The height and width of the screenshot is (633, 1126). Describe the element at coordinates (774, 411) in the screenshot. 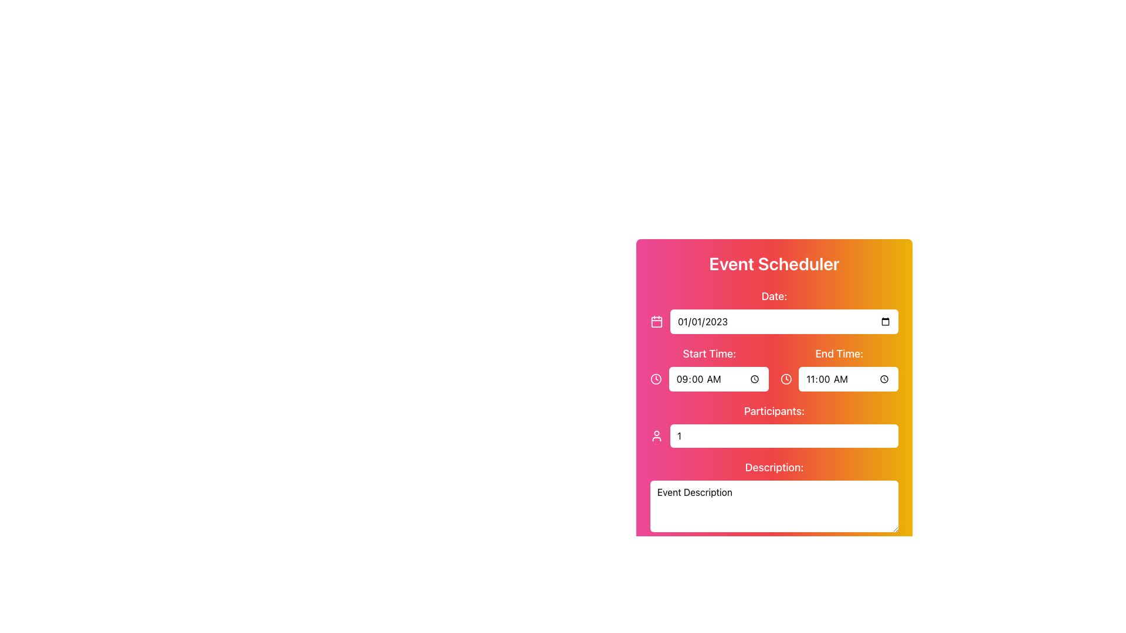

I see `the label indicating the purpose of the input field for specifying participants in an event, which is located above the input field and adjacent to a user icon` at that location.